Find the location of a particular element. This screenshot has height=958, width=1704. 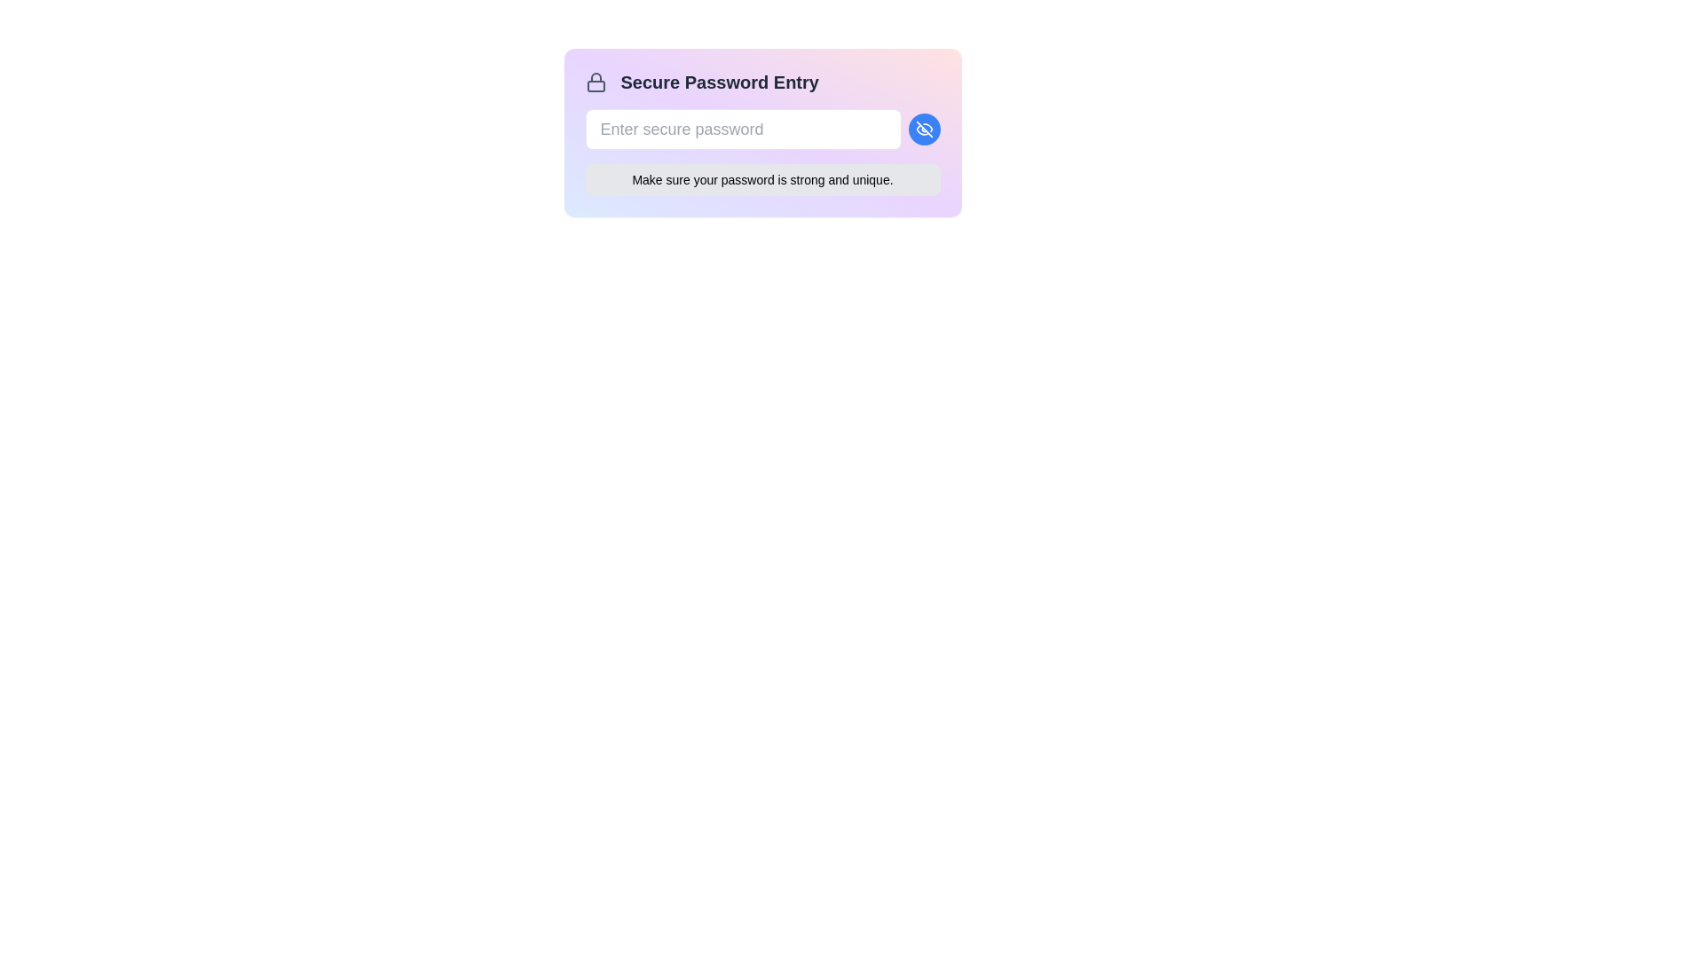

the rounded rectangle shape representing the body of the lock icon, which is positioned below the arch-shaped top part of the lock is located at coordinates (596, 86).